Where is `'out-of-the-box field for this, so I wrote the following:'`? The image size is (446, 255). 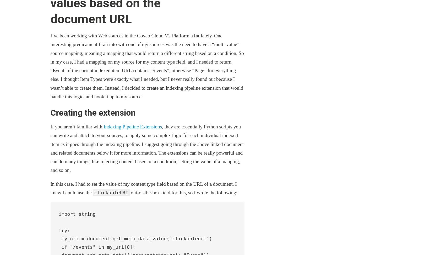
'out-of-the-box field for this, so I wrote the following:' is located at coordinates (183, 192).